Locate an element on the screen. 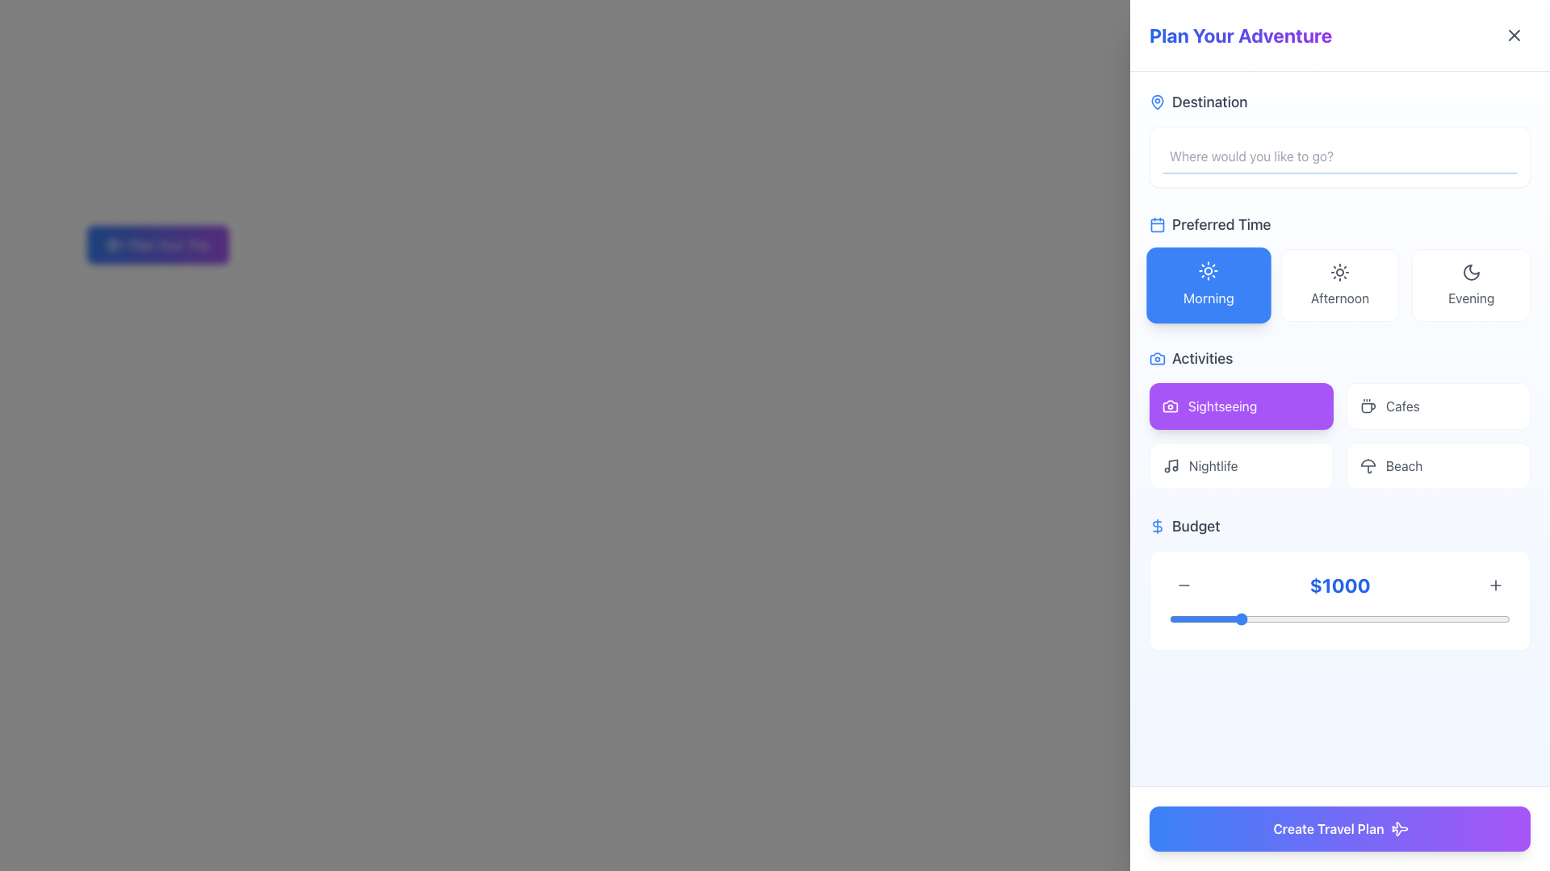  the blue map pin icon located near the top of the right-side panel under the 'Plan Your Adventure' header, beside the 'Destination' label is located at coordinates (1157, 102).